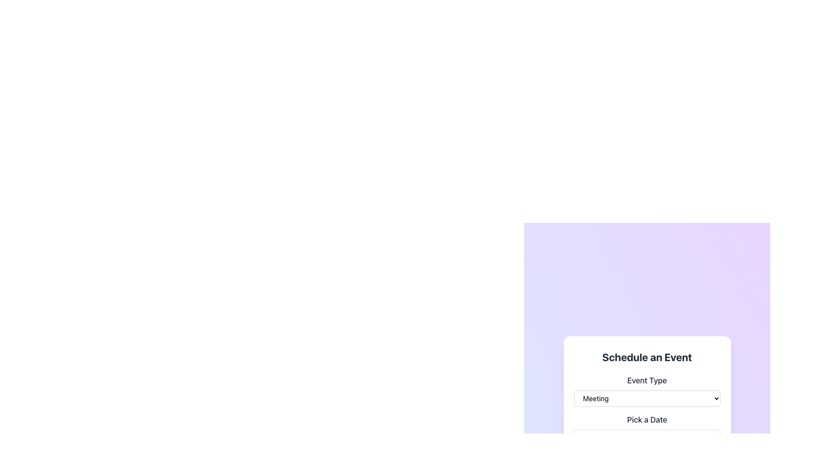  What do you see at coordinates (647, 439) in the screenshot?
I see `the Date selection box located below the title 'Pick a Date'` at bounding box center [647, 439].